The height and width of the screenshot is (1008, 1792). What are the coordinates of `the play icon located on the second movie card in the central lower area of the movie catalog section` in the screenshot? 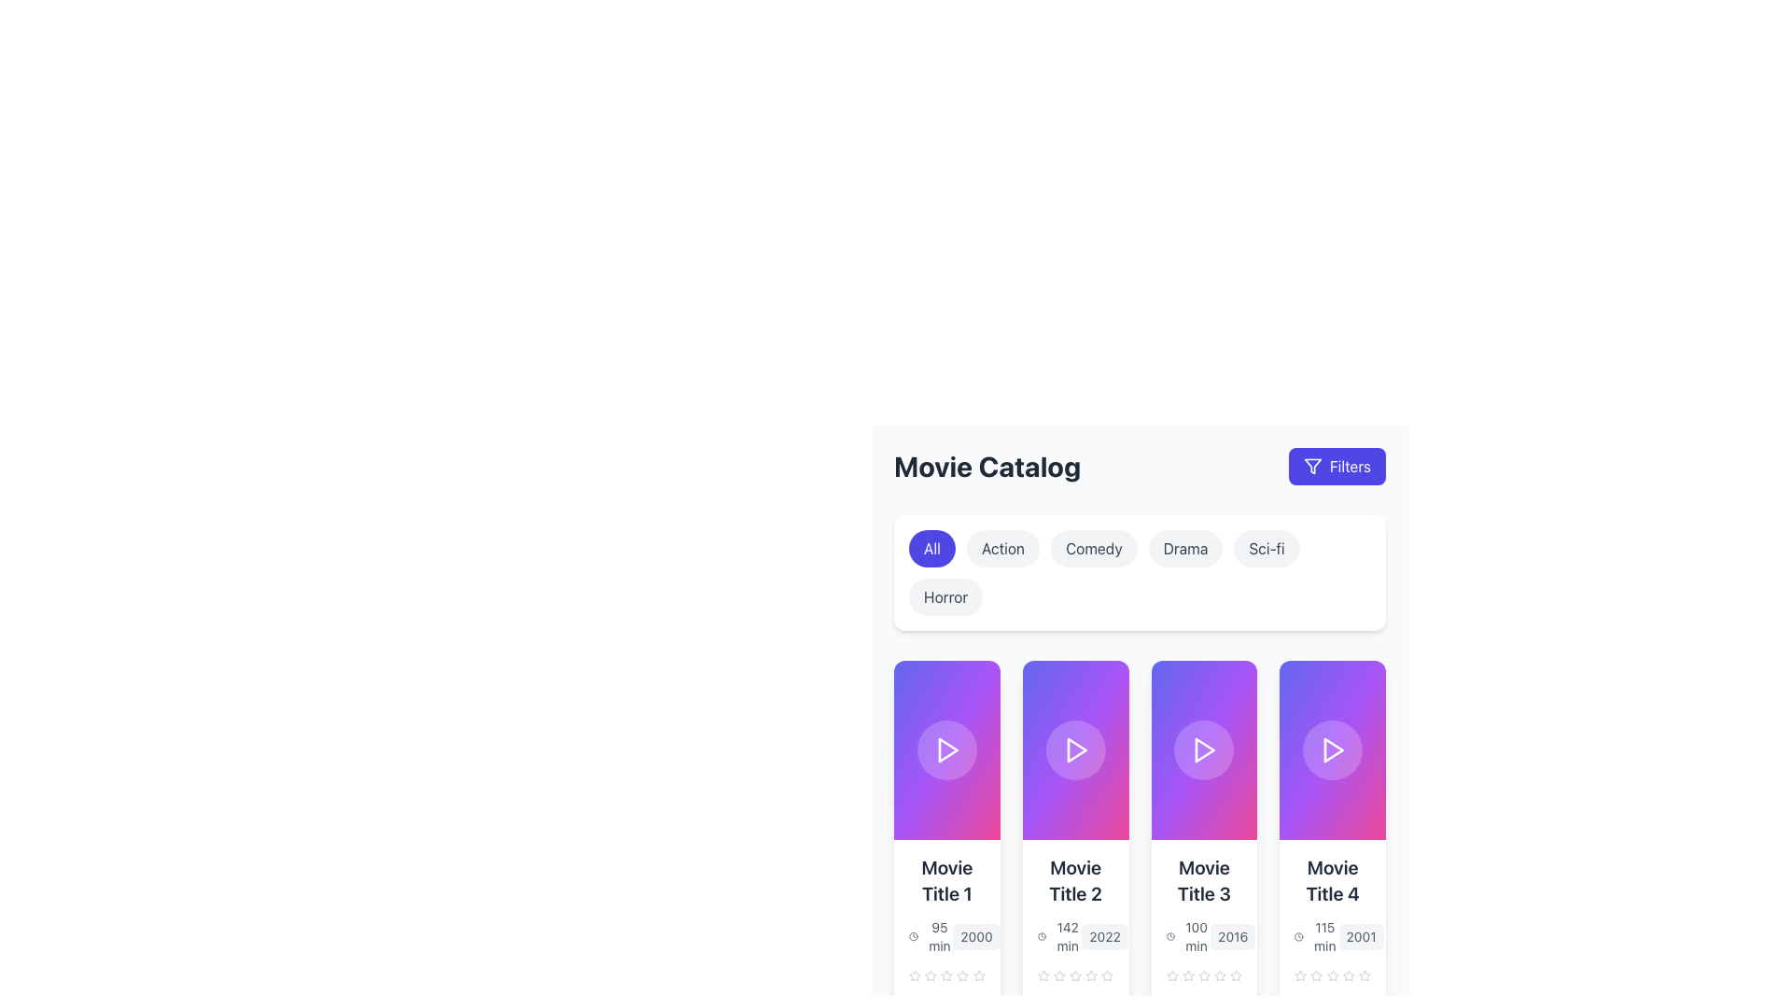 It's located at (1076, 749).